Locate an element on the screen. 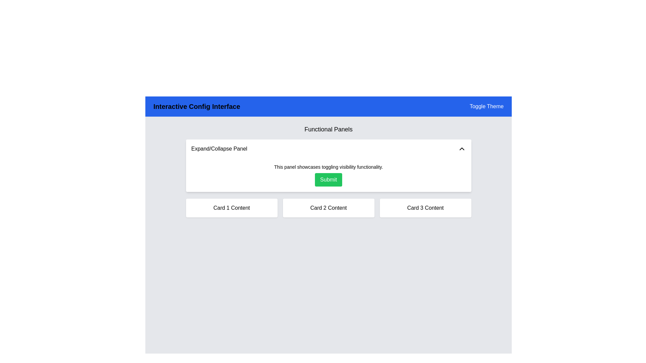 This screenshot has width=646, height=363. the 'Submit' button located at the bottom of the Collapsible panel with a white background and labeled 'Submit' is located at coordinates (328, 166).